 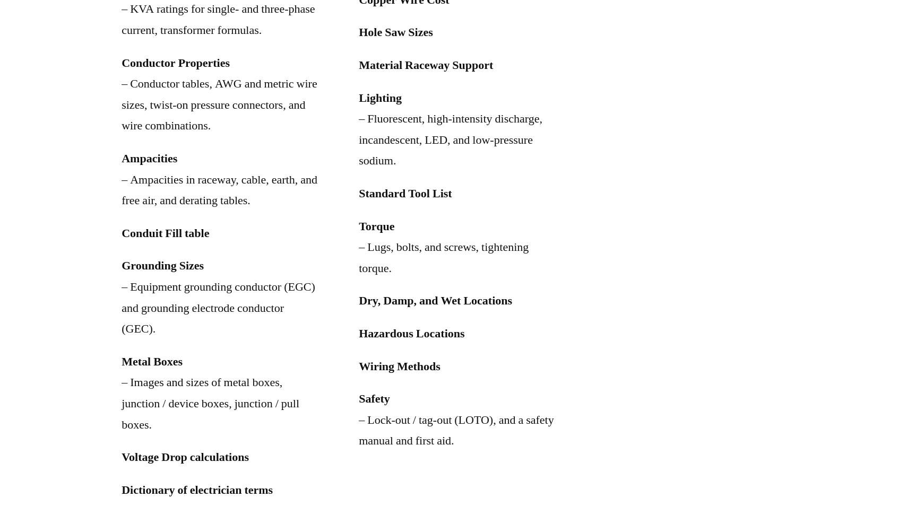 I want to click on '– Images and sizes of metal boxes, junction / device boxes, junction / pull boxes.', so click(x=121, y=403).